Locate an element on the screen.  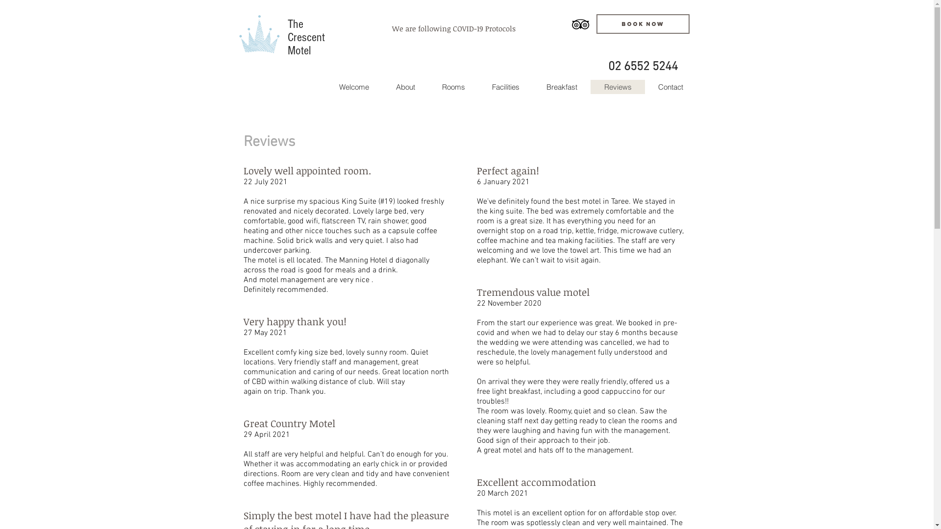
'Book NOW' is located at coordinates (642, 24).